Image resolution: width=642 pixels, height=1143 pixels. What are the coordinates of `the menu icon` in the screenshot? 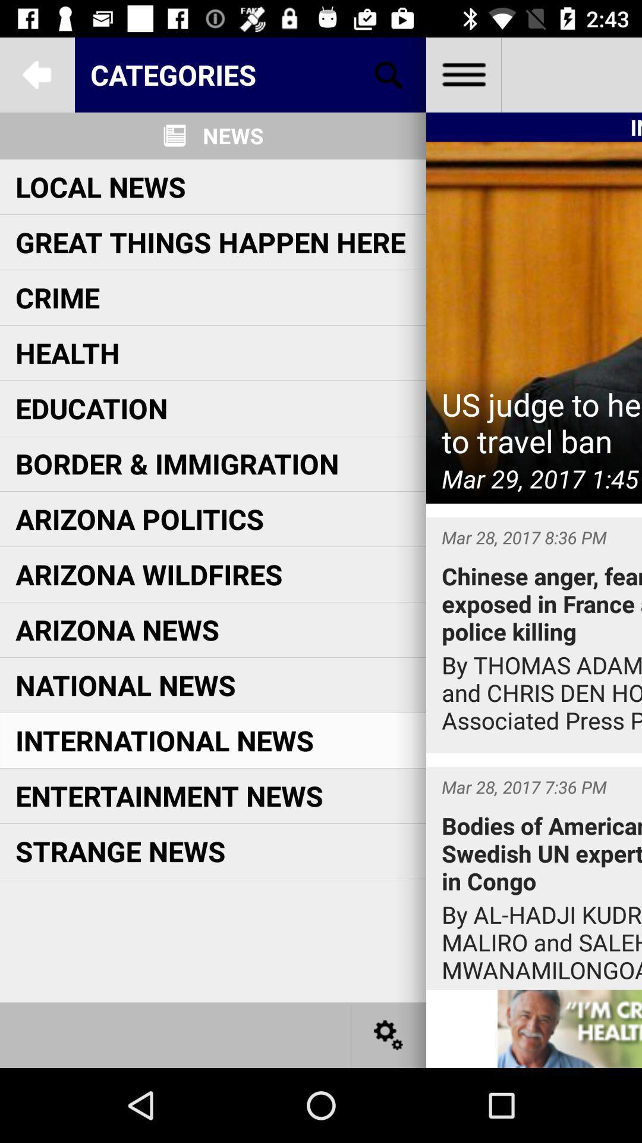 It's located at (462, 74).